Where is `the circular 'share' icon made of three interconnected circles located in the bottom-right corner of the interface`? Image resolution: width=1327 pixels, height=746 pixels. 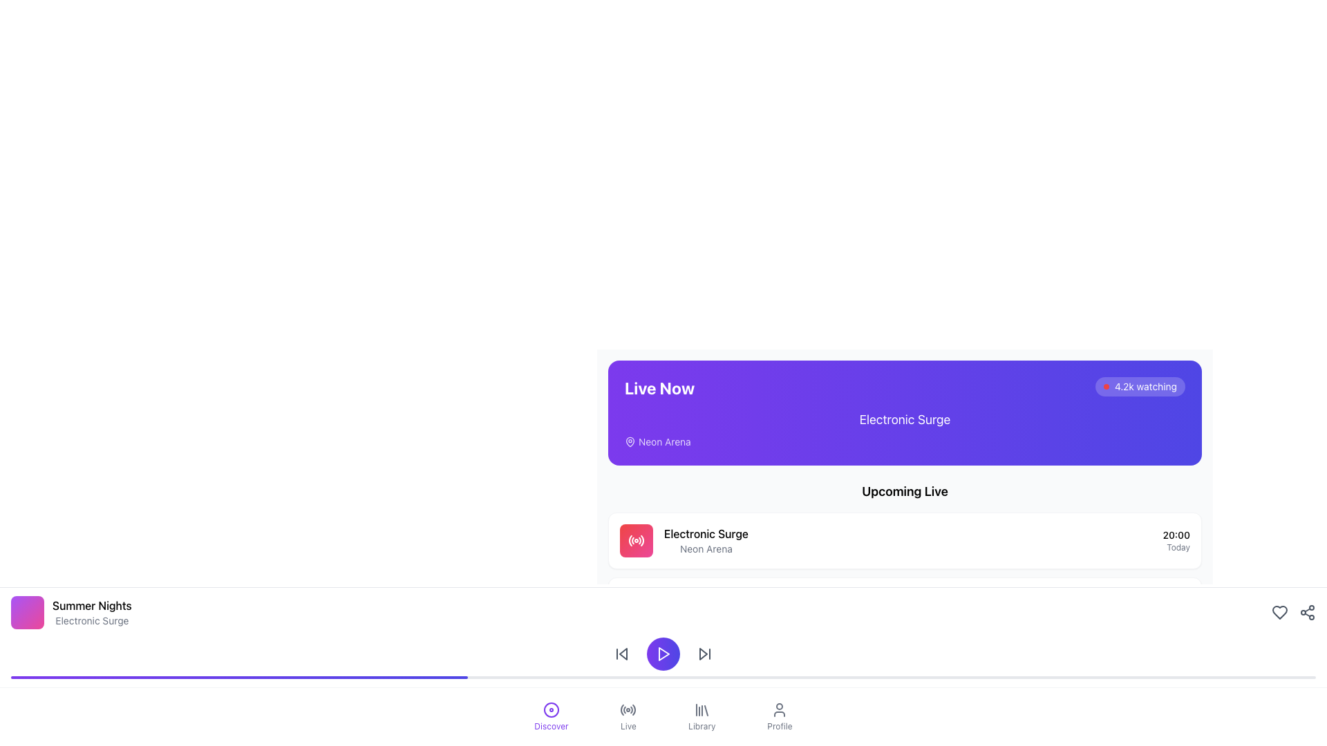
the circular 'share' icon made of three interconnected circles located in the bottom-right corner of the interface is located at coordinates (1306, 612).